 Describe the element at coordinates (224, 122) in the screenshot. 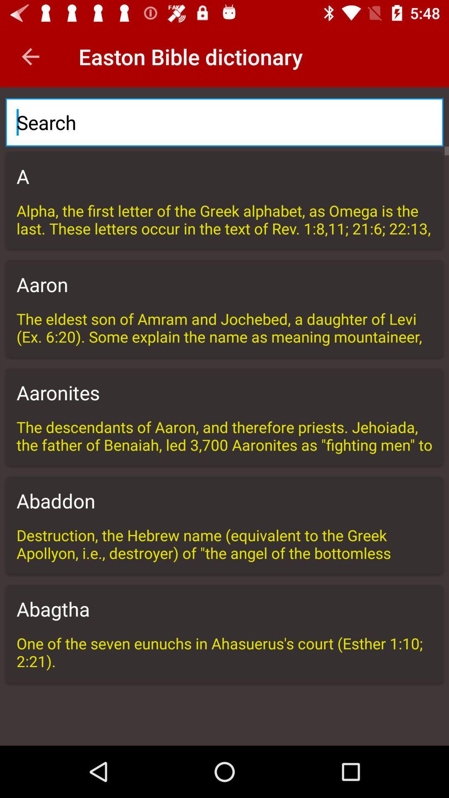

I see `input search` at that location.